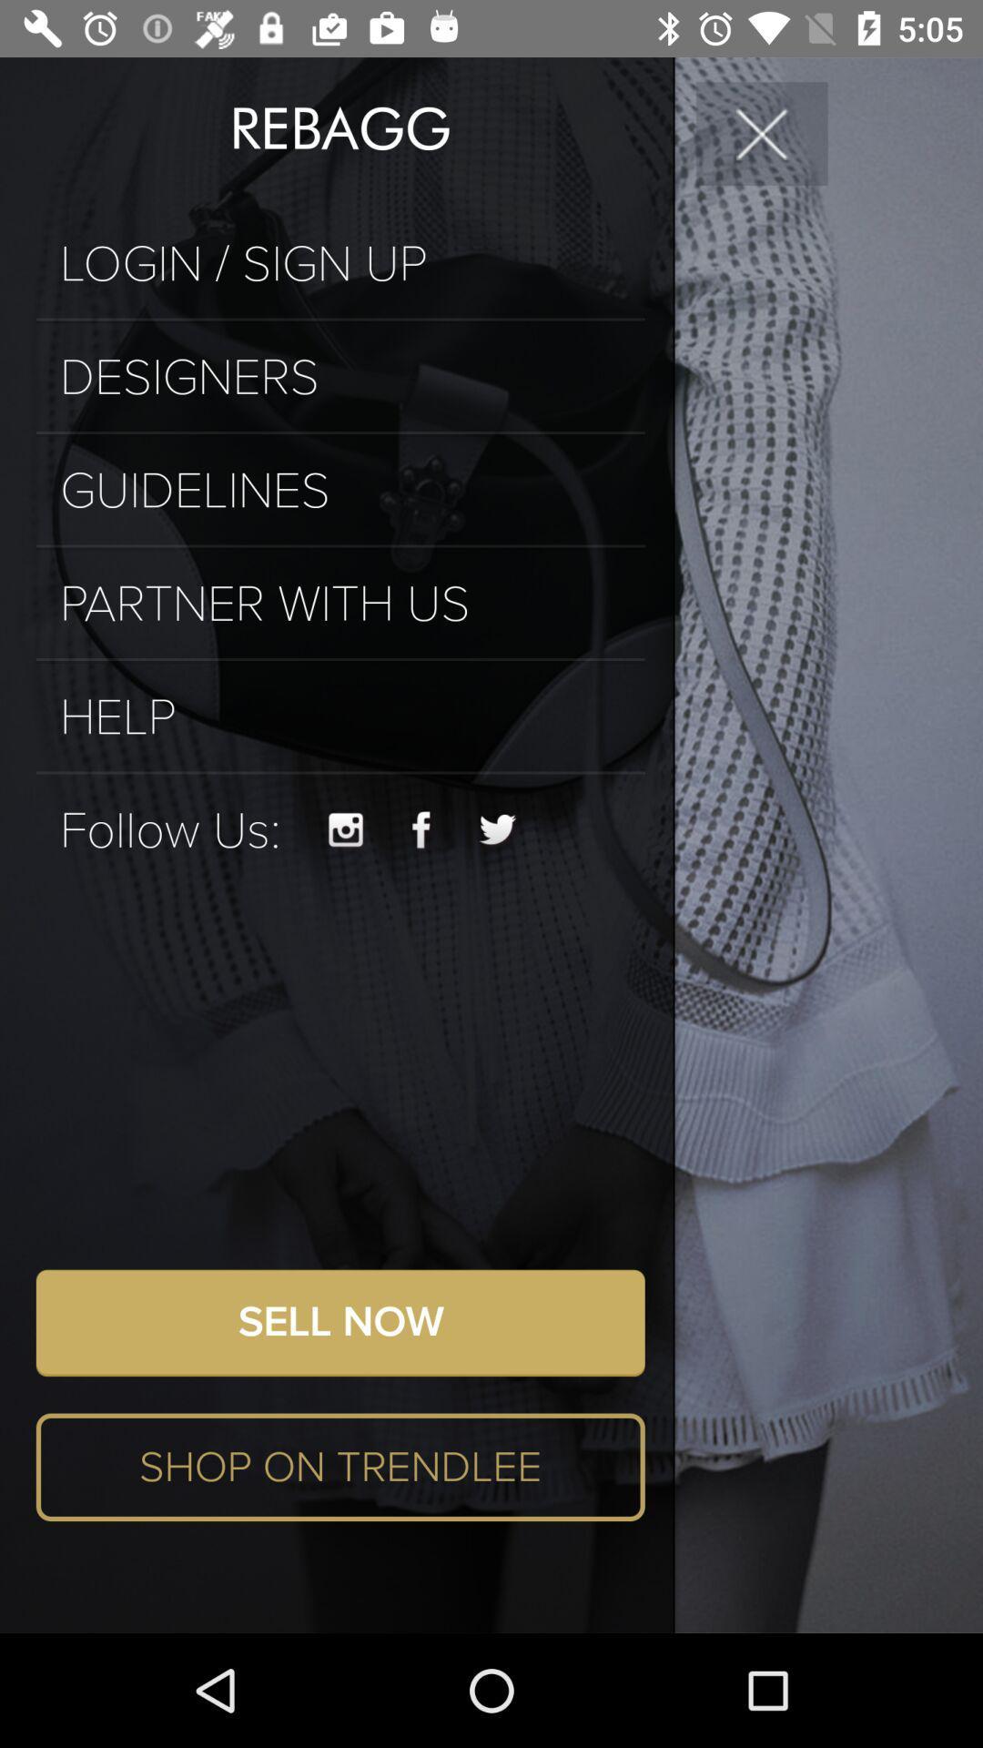 The width and height of the screenshot is (983, 1748). I want to click on the item below help item, so click(340, 773).